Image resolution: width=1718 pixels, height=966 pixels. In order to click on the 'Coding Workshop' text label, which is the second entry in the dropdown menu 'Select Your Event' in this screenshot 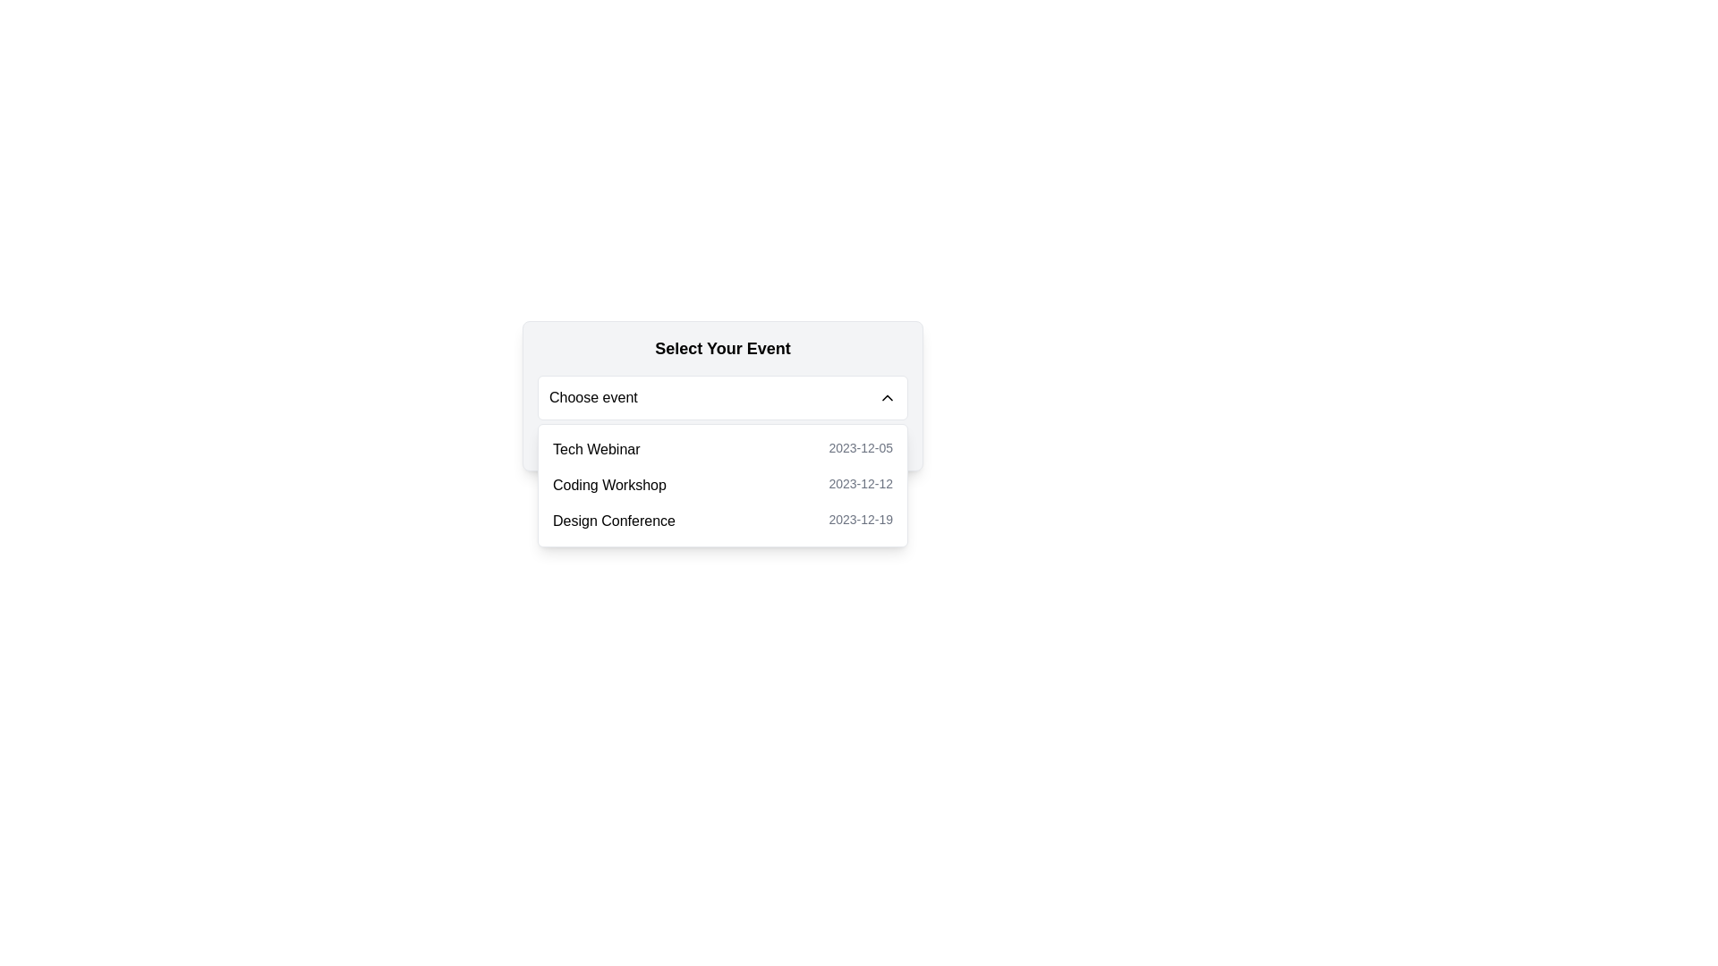, I will do `click(609, 486)`.